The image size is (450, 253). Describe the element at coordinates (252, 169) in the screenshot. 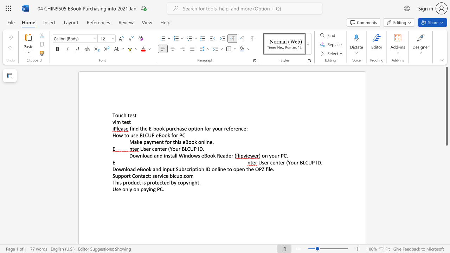

I see `the 4th character "e" in the text` at that location.